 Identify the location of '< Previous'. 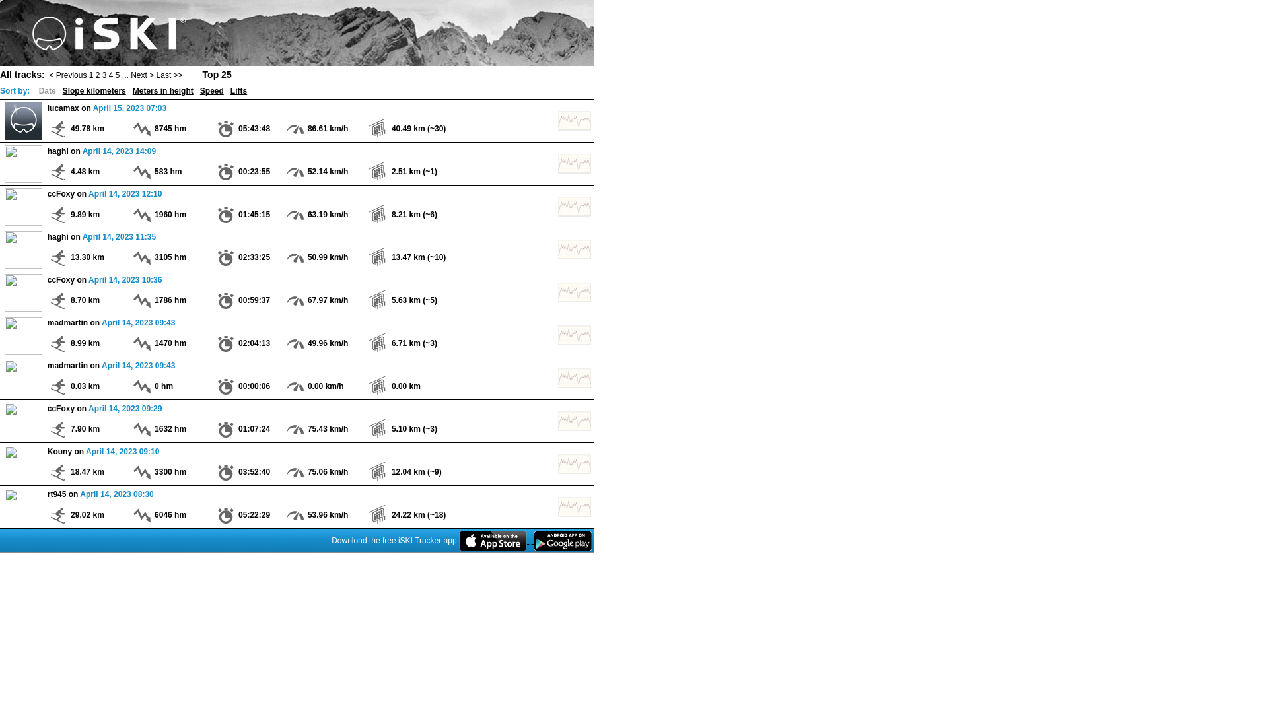
(67, 74).